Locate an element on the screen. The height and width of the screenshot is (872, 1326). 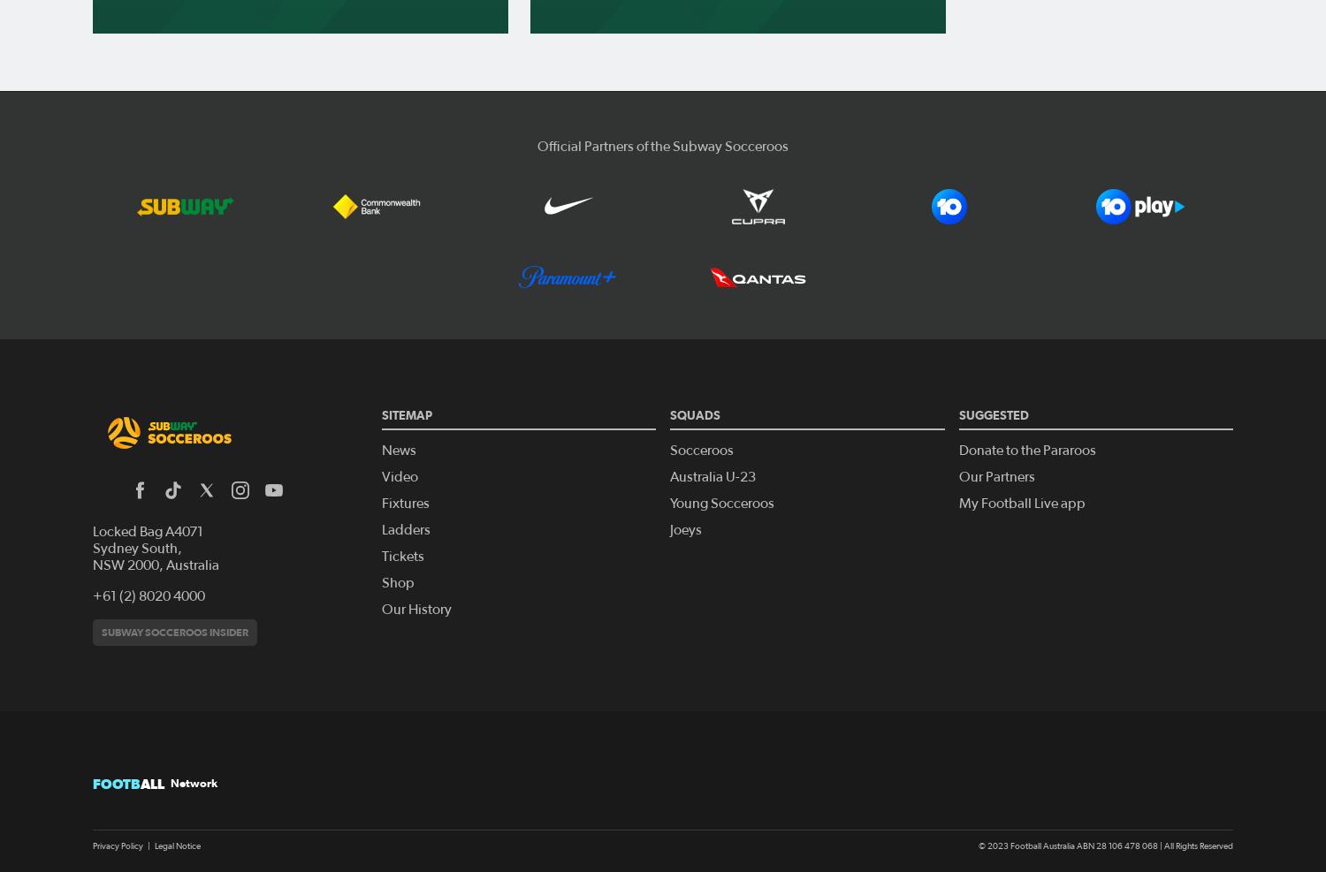
'Legal Notice' is located at coordinates (177, 845).